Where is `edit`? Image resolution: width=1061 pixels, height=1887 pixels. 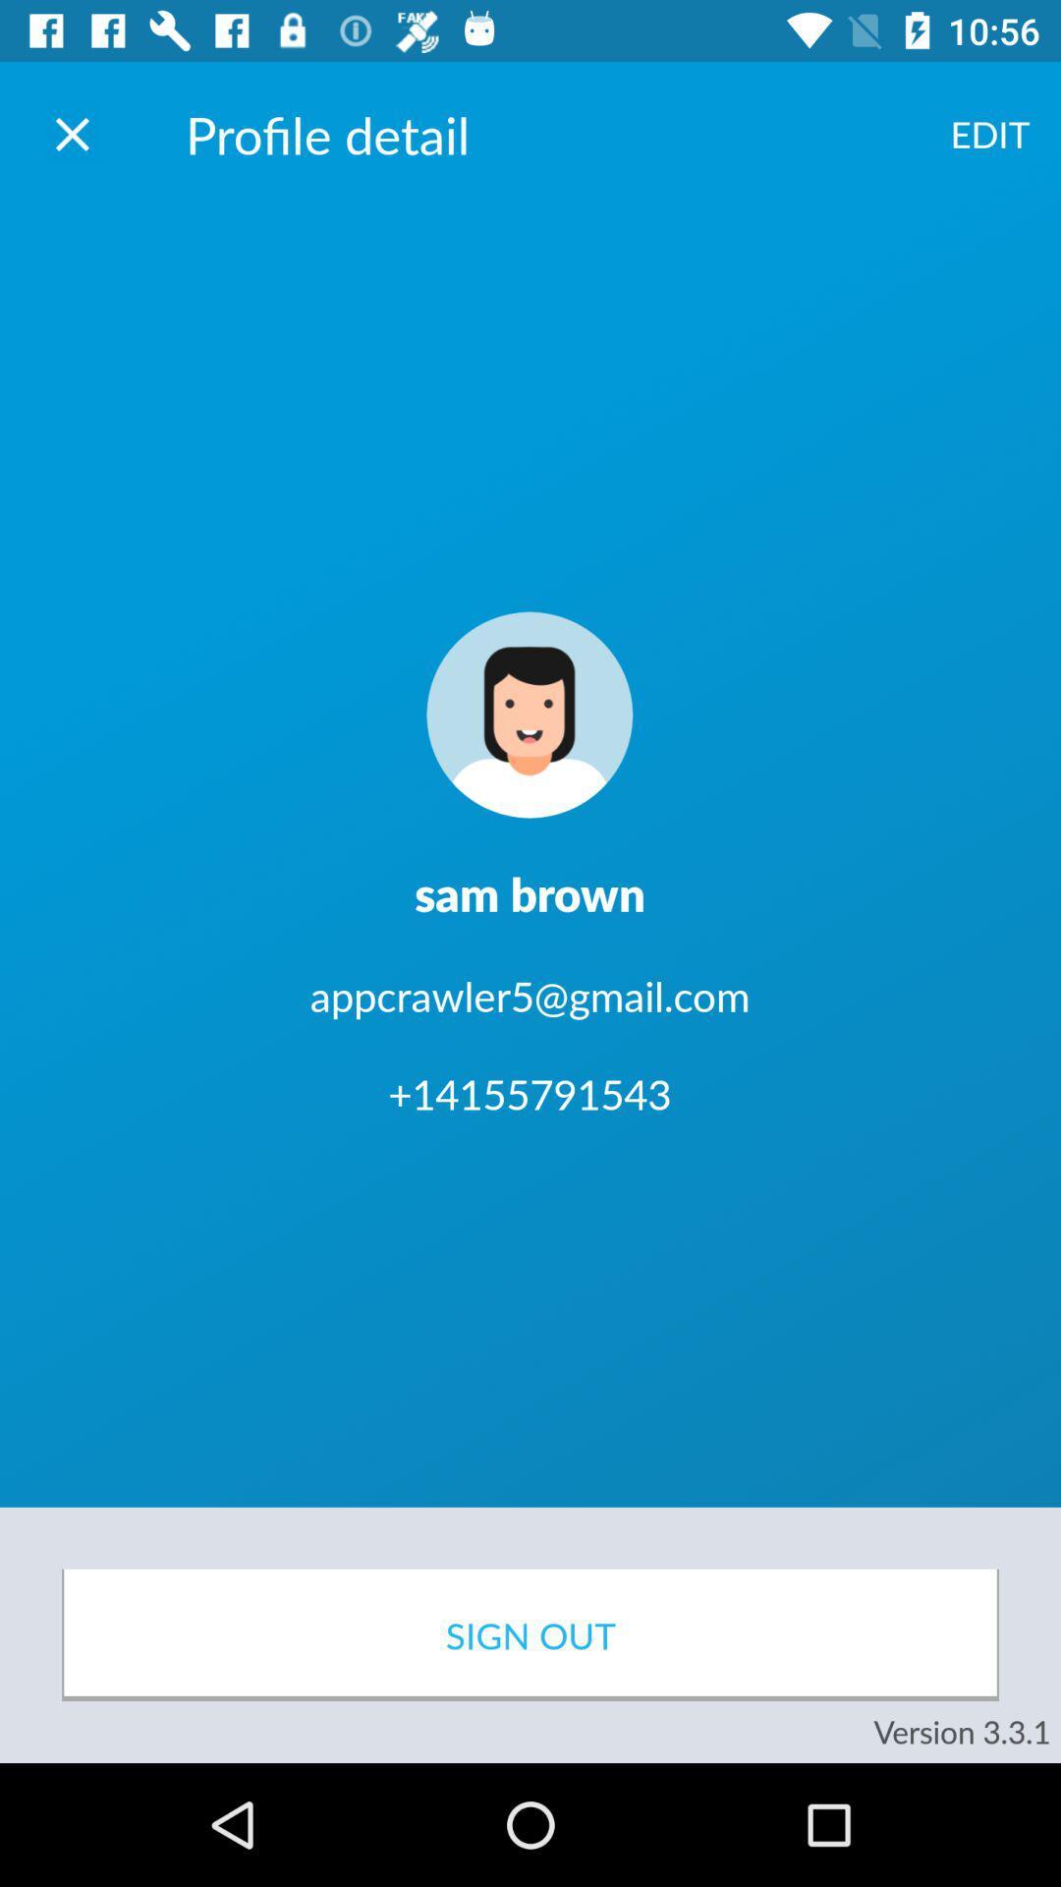
edit is located at coordinates (989, 133).